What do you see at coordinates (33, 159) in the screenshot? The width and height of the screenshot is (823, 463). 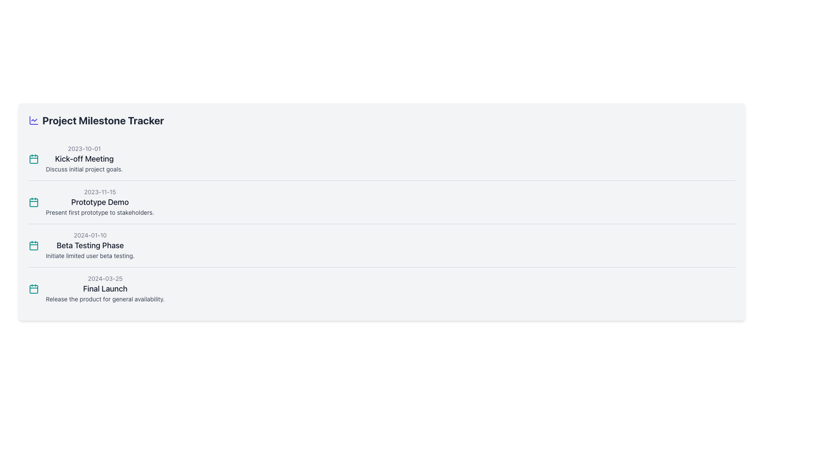 I see `the calendar icon representing the date and event type for the milestone 'Kick-off Meeting'` at bounding box center [33, 159].